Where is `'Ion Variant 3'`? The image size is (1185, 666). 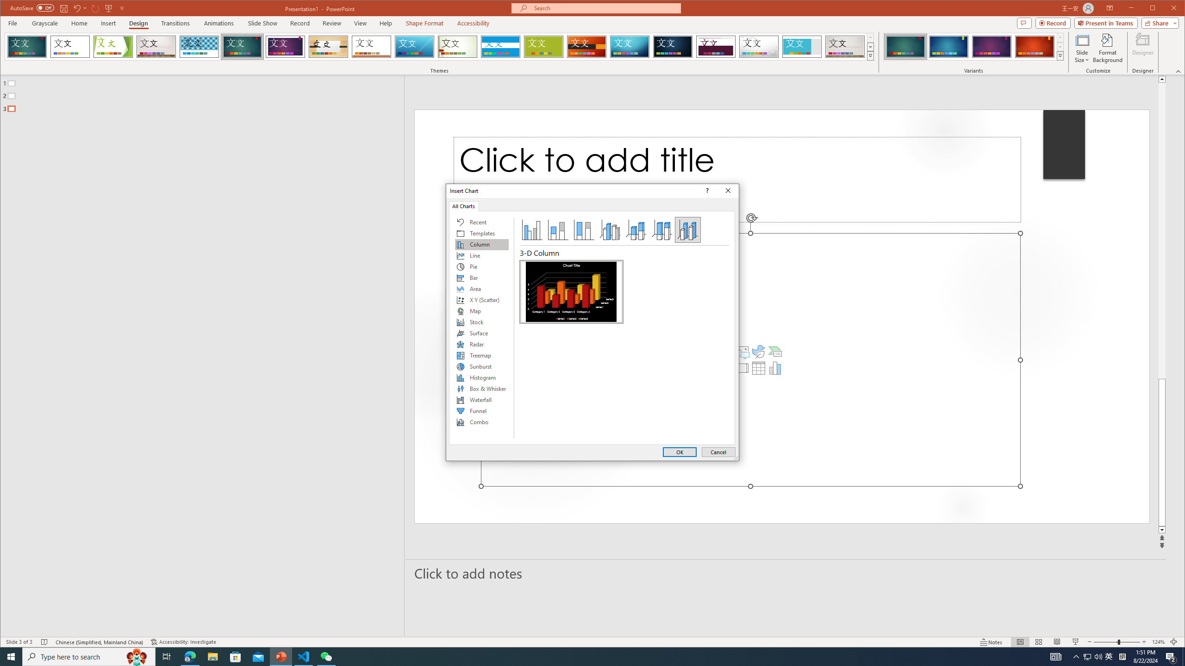
'Ion Variant 3' is located at coordinates (991, 46).